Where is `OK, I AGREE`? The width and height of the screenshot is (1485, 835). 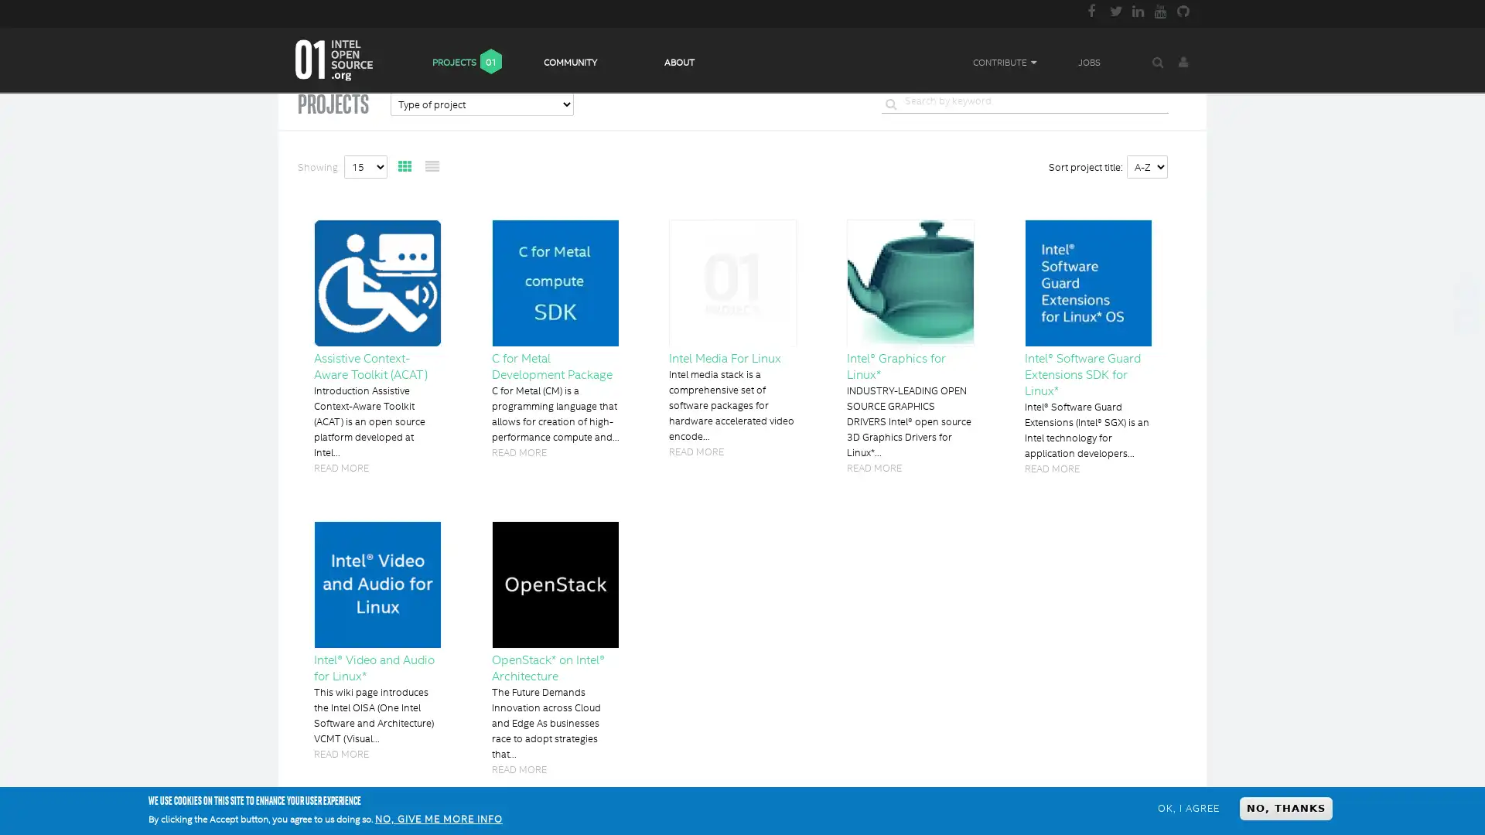 OK, I AGREE is located at coordinates (1187, 807).